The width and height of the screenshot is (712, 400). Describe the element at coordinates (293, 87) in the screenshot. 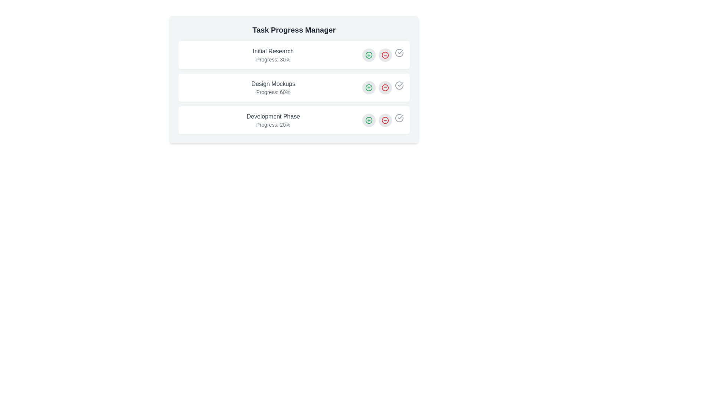

I see `the green plus button on the task progress card for 'Design Mockups', which is positioned in the middle of the vertical stack of task sections, to increase the progress` at that location.